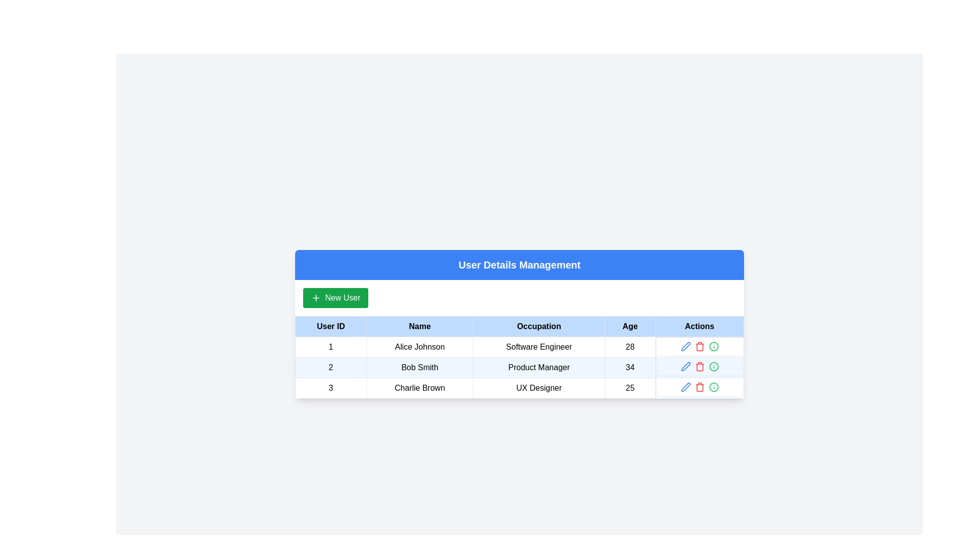 Image resolution: width=962 pixels, height=541 pixels. What do you see at coordinates (331, 387) in the screenshot?
I see `the Text Label that identifies user 'Charlie Brown' in the 'User ID' column of the table` at bounding box center [331, 387].